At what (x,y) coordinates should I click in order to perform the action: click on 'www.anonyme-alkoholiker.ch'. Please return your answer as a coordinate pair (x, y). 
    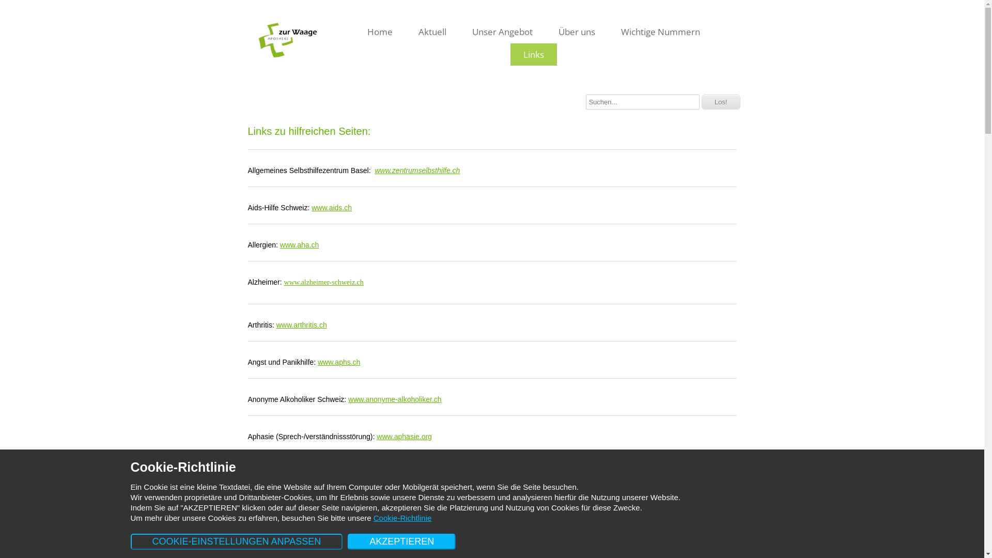
    Looking at the image, I should click on (394, 398).